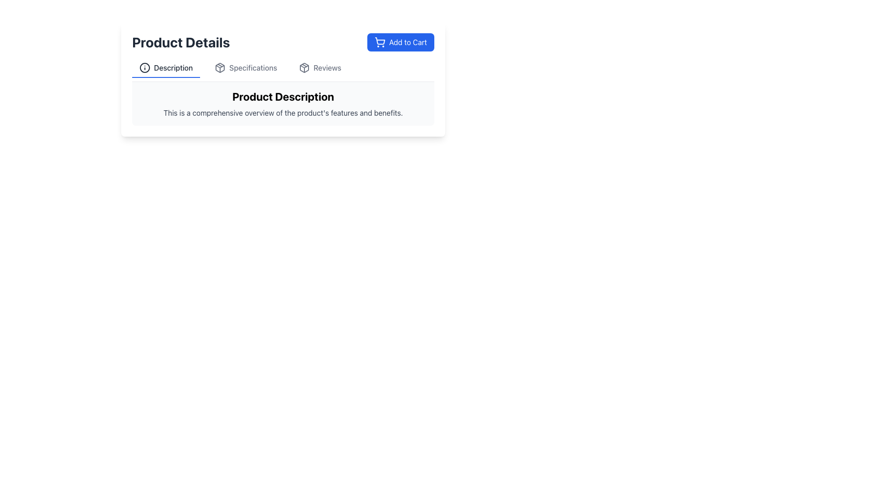  I want to click on the main shape of the shopping cart icon located within the blue 'Add to Cart' button at the top-right of the interface, so click(380, 41).